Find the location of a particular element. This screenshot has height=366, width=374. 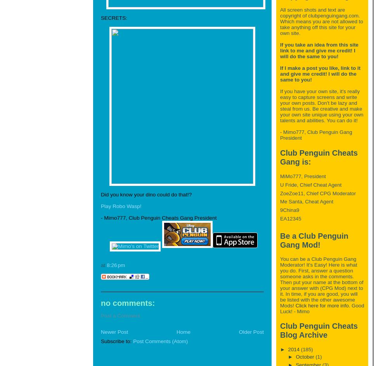

'Be a Club Penguin Gang Mod!' is located at coordinates (313, 240).